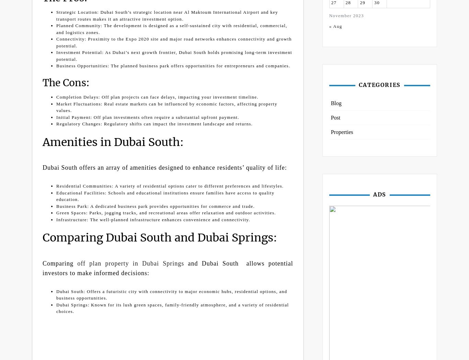 The image size is (469, 360). I want to click on 'Dubai Springs: Known for its lush green spaces, family-friendly atmosphere, and a variety of residential choices.', so click(172, 307).